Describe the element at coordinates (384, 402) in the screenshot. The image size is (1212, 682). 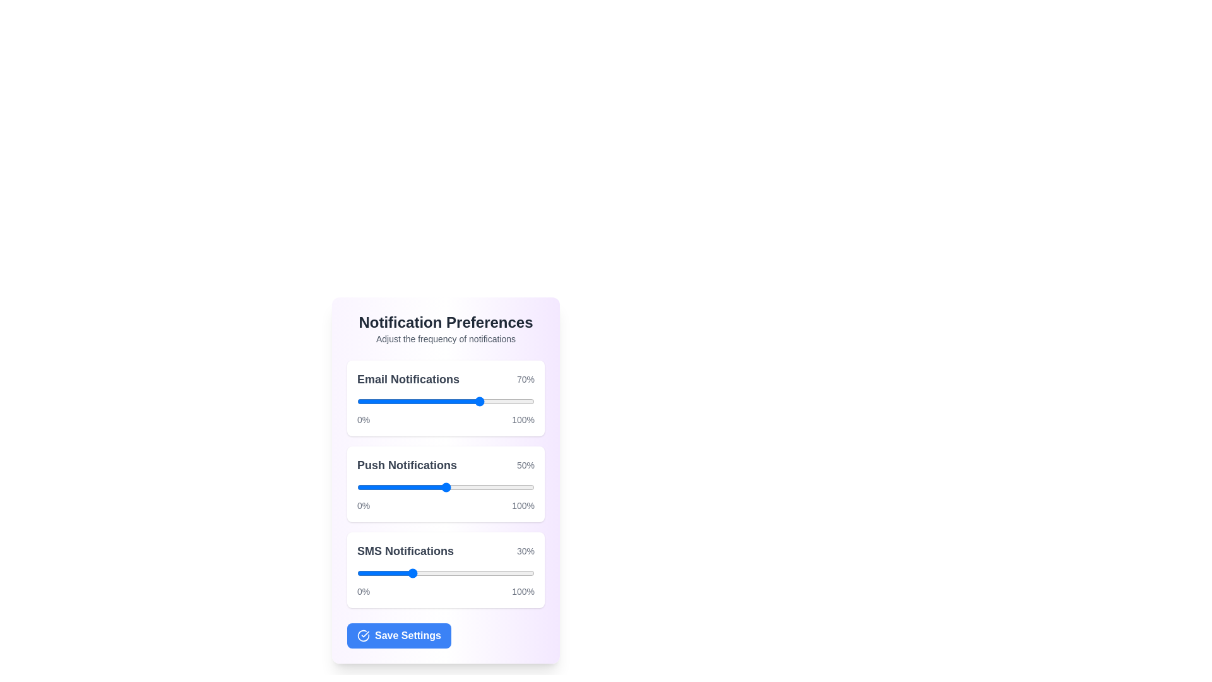
I see `the Email Notification slider` at that location.